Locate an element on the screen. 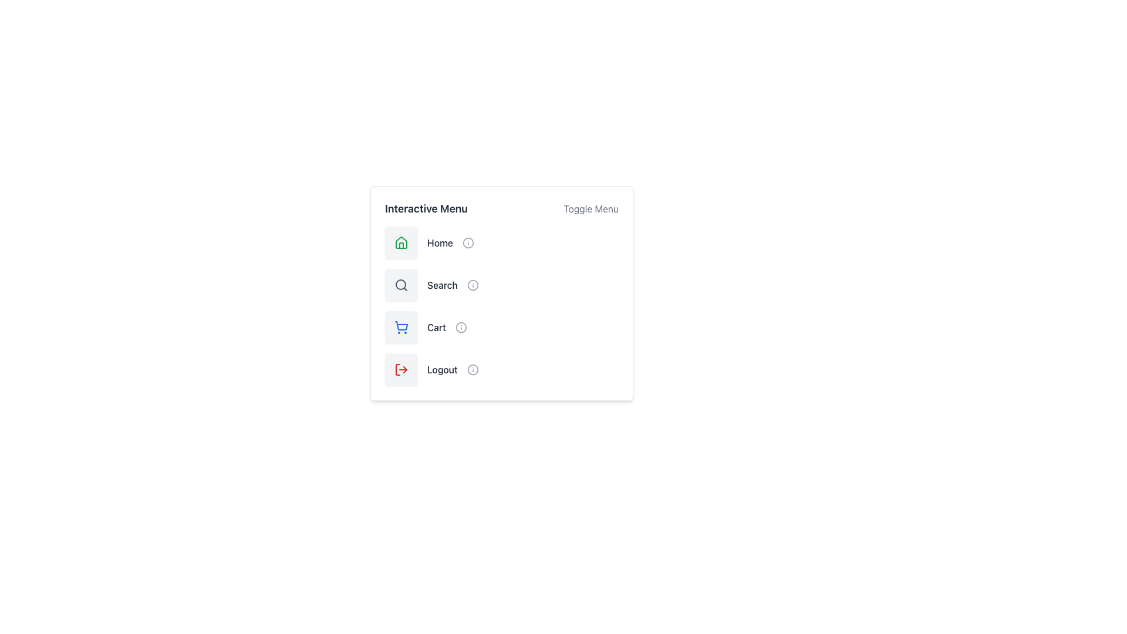  the 'Home' menu icon located at the top-left corner of the interactive menu card is located at coordinates (401, 241).